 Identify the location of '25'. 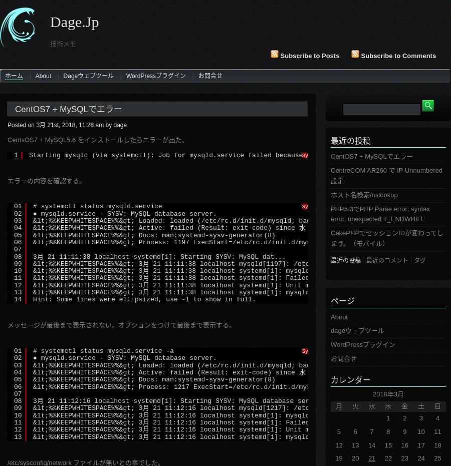
(437, 458).